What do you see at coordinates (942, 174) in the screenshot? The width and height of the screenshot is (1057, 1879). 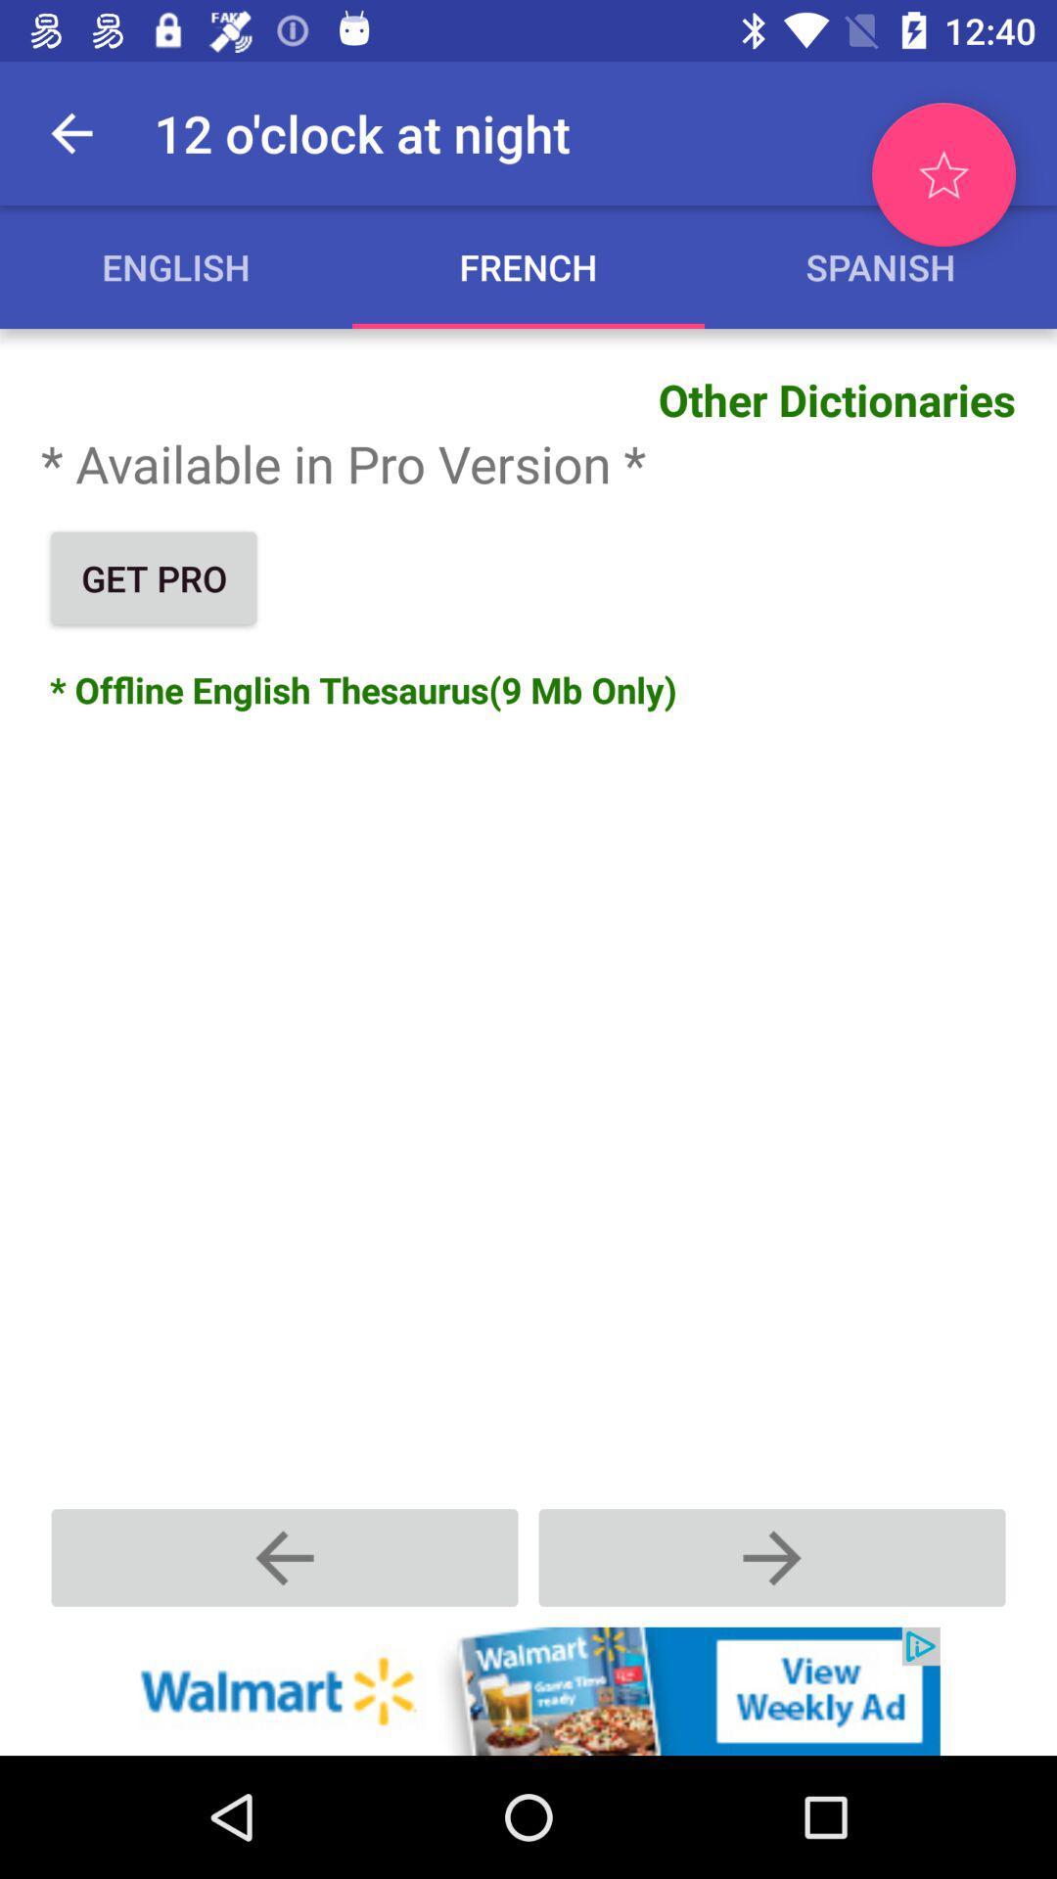 I see `the star icon` at bounding box center [942, 174].